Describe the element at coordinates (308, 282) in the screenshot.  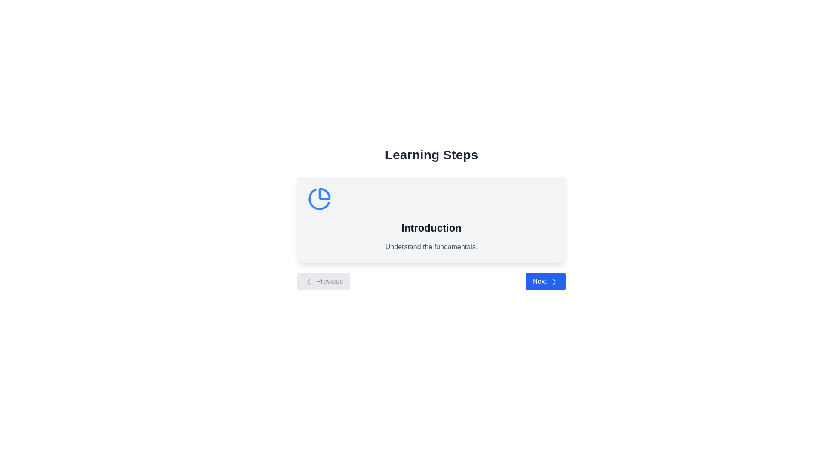
I see `the chevron left arrow icon inside the 'Previous' button, which allows navigation to a prior step or page` at that location.